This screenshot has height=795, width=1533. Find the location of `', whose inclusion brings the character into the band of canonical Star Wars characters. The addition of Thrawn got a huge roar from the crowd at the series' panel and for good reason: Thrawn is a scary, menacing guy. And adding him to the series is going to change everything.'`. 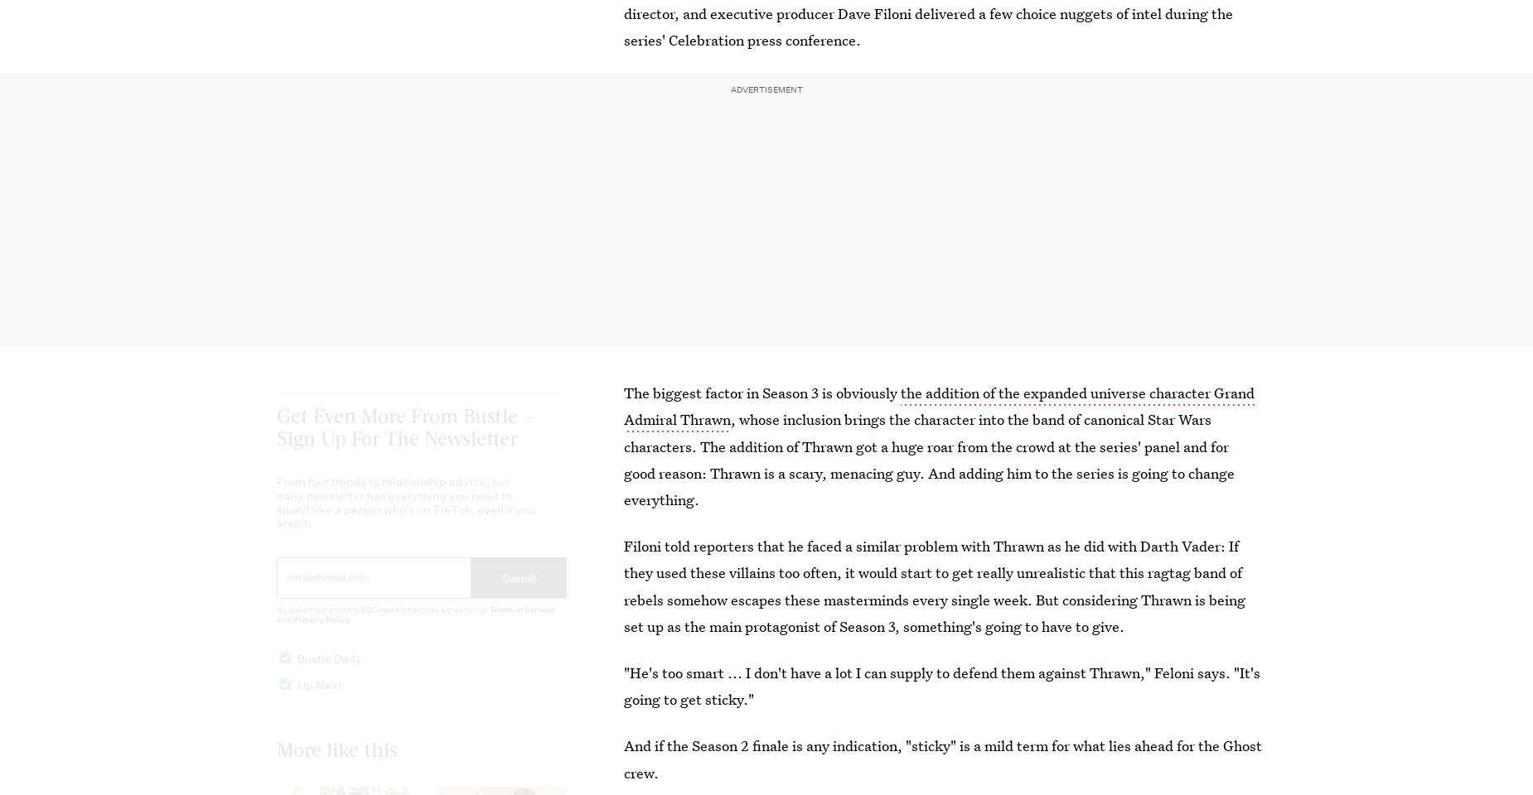

', whose inclusion brings the character into the band of canonical Star Wars characters. The addition of Thrawn got a huge roar from the crowd at the series' panel and for good reason: Thrawn is a scary, menacing guy. And adding him to the series is going to change everything.' is located at coordinates (928, 459).